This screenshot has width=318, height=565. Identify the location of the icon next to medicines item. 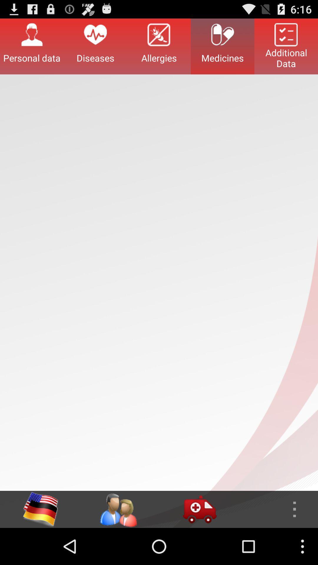
(159, 46).